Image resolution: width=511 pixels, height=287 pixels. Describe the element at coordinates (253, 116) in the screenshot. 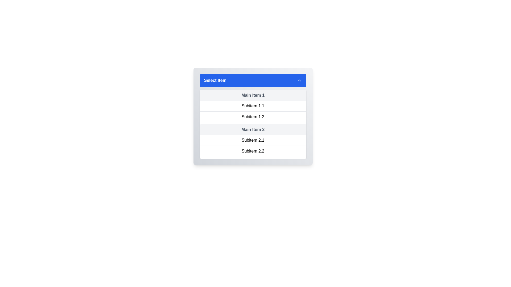

I see `the individual subitems of the dropdown menu, which is a rectangular element with a blue header titled 'Select Item' and multiple grouped lines labeled as 'Main Item 1', 'Subitem 1.1', etc` at that location.